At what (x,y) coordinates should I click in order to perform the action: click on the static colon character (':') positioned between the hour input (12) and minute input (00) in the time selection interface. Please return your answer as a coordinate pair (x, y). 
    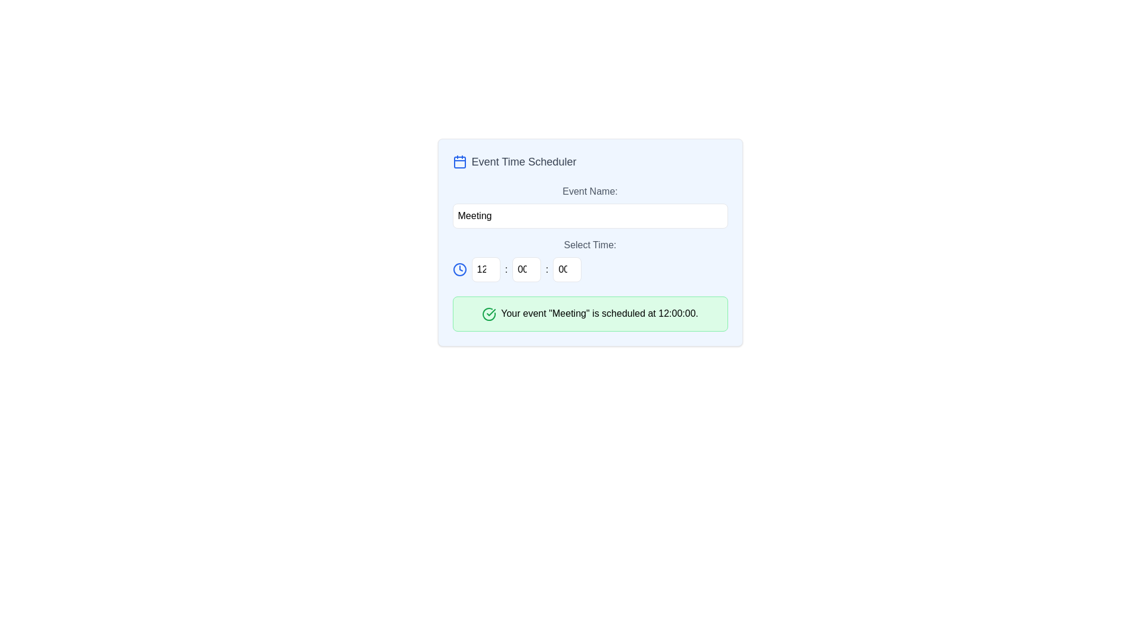
    Looking at the image, I should click on (506, 269).